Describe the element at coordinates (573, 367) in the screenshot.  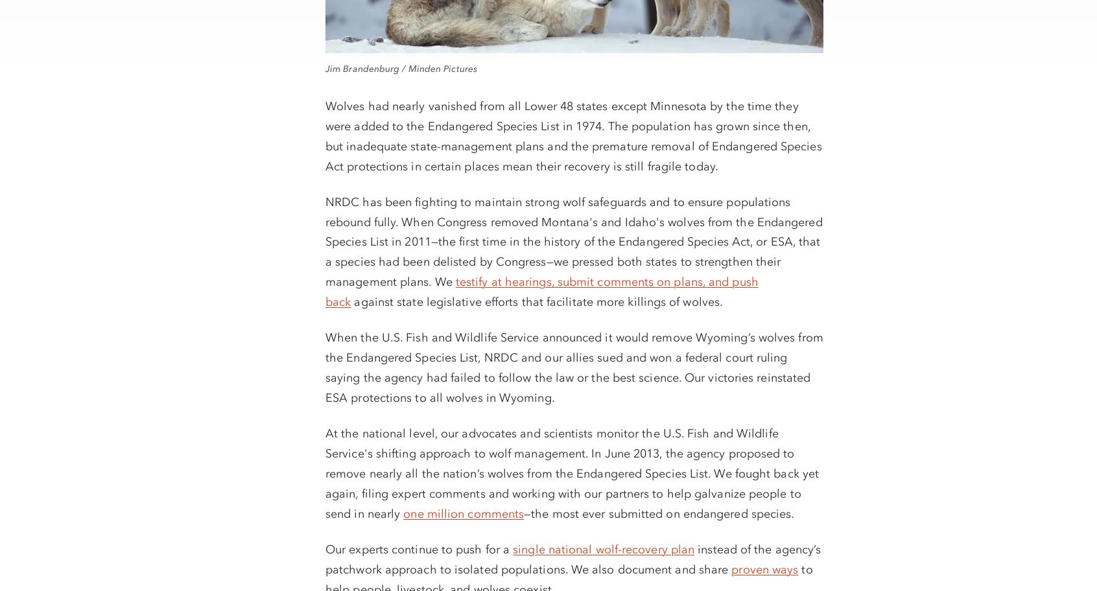
I see `'When the U.S. Fish and Wildlife Service announced it would remove Wyoming’s wolves from the Endangered Species List, NRDC and our allies sued and won a federal court ruling saying the agency had failed to follow the law or the best science. Our victories reinstated ESA protections to all wolves in Wyoming.'` at that location.